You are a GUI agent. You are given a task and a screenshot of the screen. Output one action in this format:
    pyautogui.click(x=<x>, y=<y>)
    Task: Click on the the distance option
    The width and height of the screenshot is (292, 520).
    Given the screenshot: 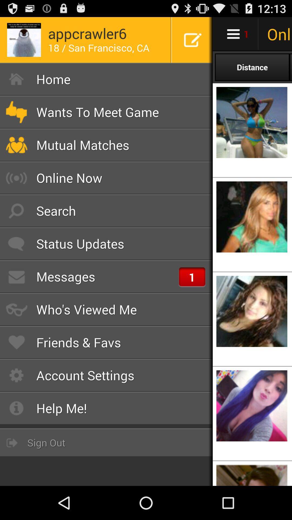 What is the action you would take?
    pyautogui.click(x=252, y=67)
    